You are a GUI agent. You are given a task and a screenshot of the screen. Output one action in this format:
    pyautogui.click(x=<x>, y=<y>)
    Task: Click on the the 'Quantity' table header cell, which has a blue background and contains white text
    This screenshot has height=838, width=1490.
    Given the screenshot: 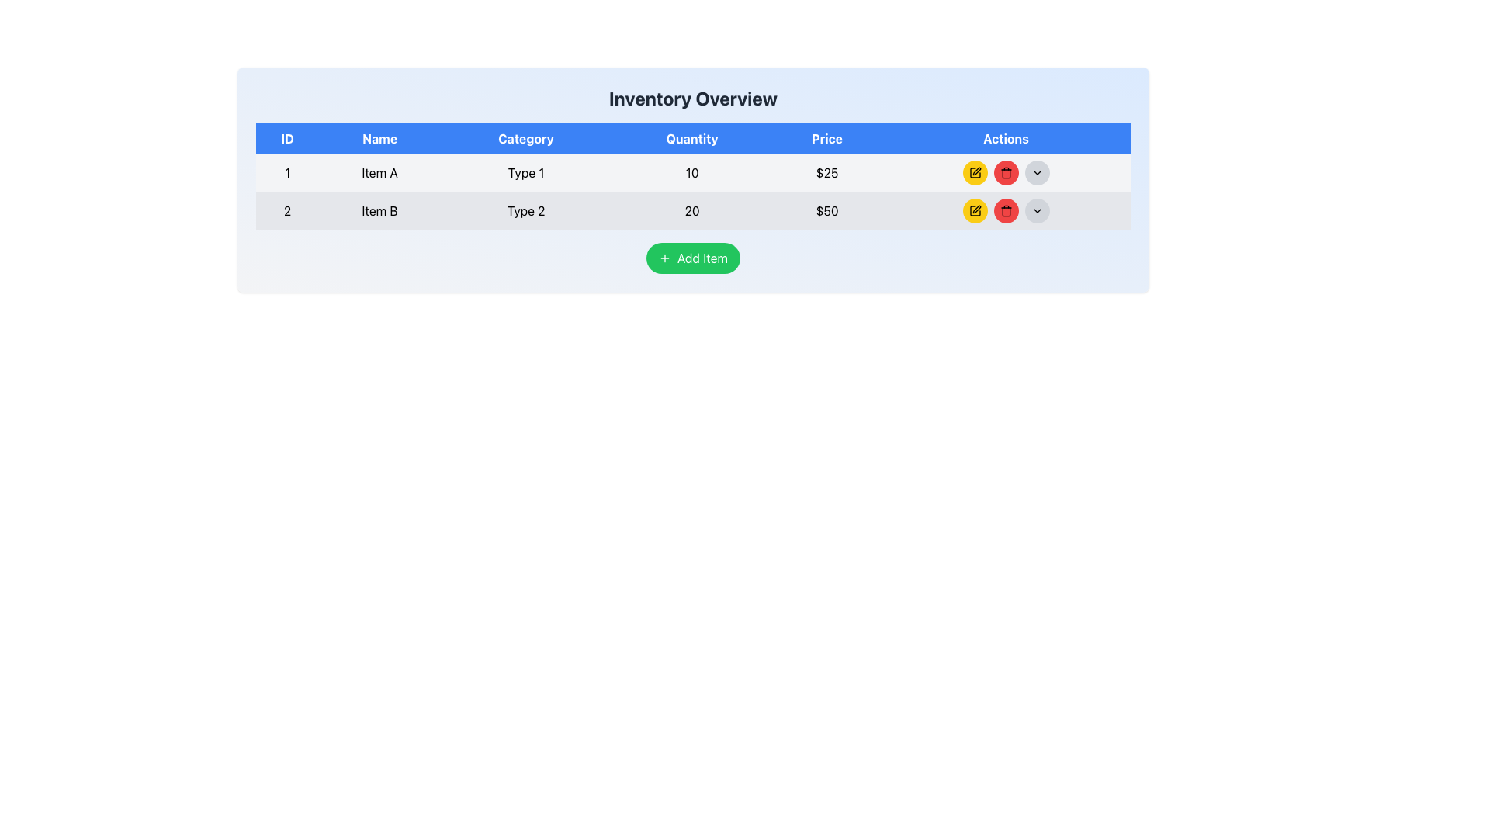 What is the action you would take?
    pyautogui.click(x=691, y=137)
    